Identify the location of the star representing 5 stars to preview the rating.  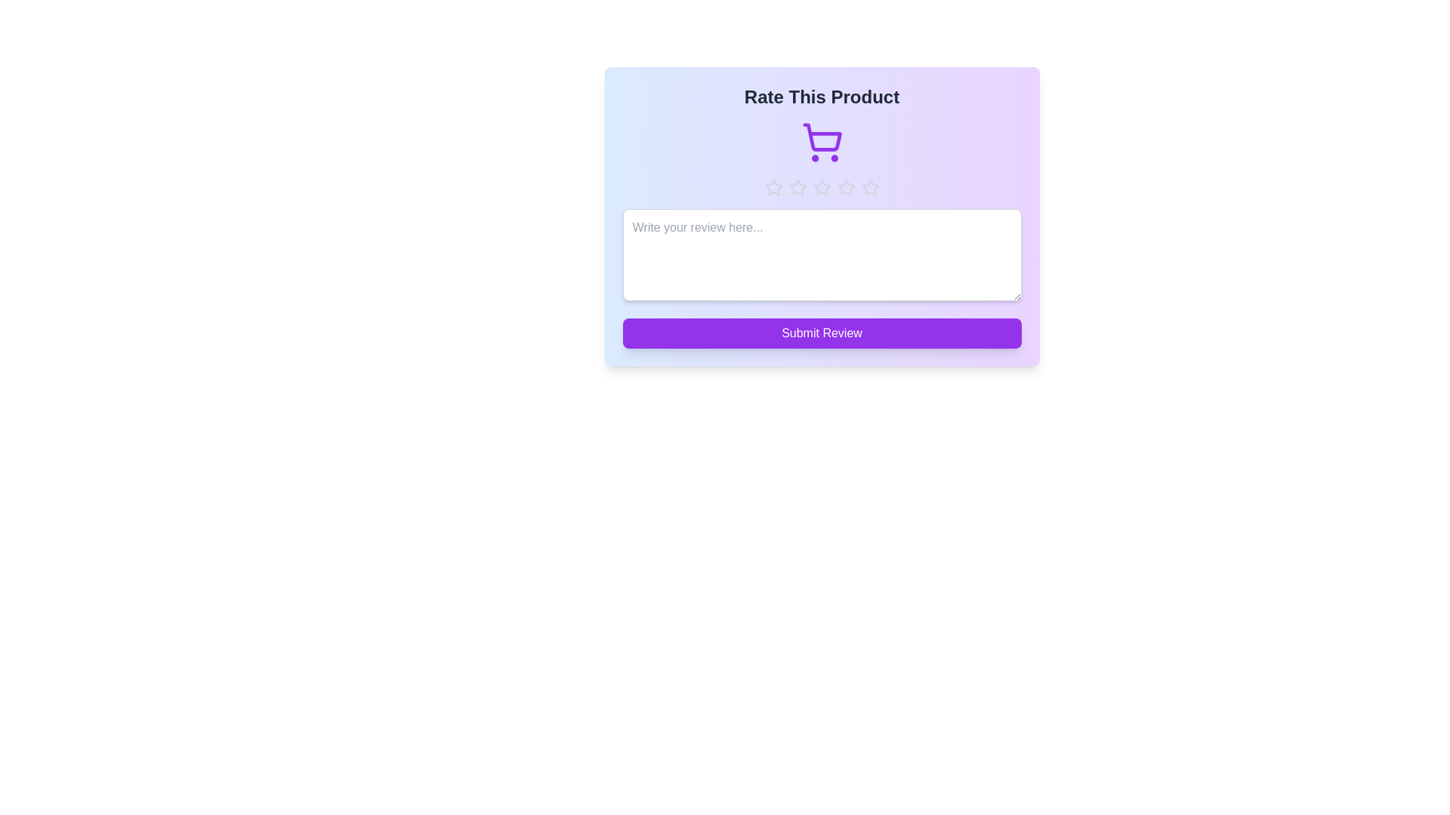
(870, 187).